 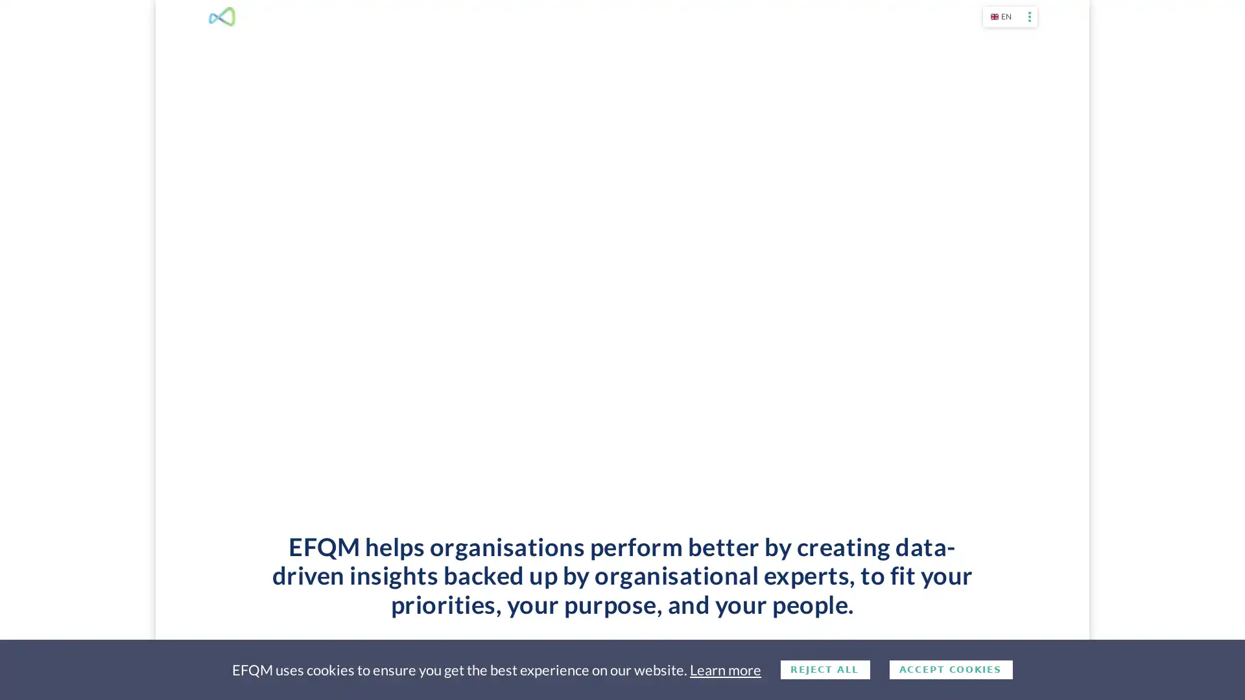 I want to click on Accept cookies, so click(x=950, y=669).